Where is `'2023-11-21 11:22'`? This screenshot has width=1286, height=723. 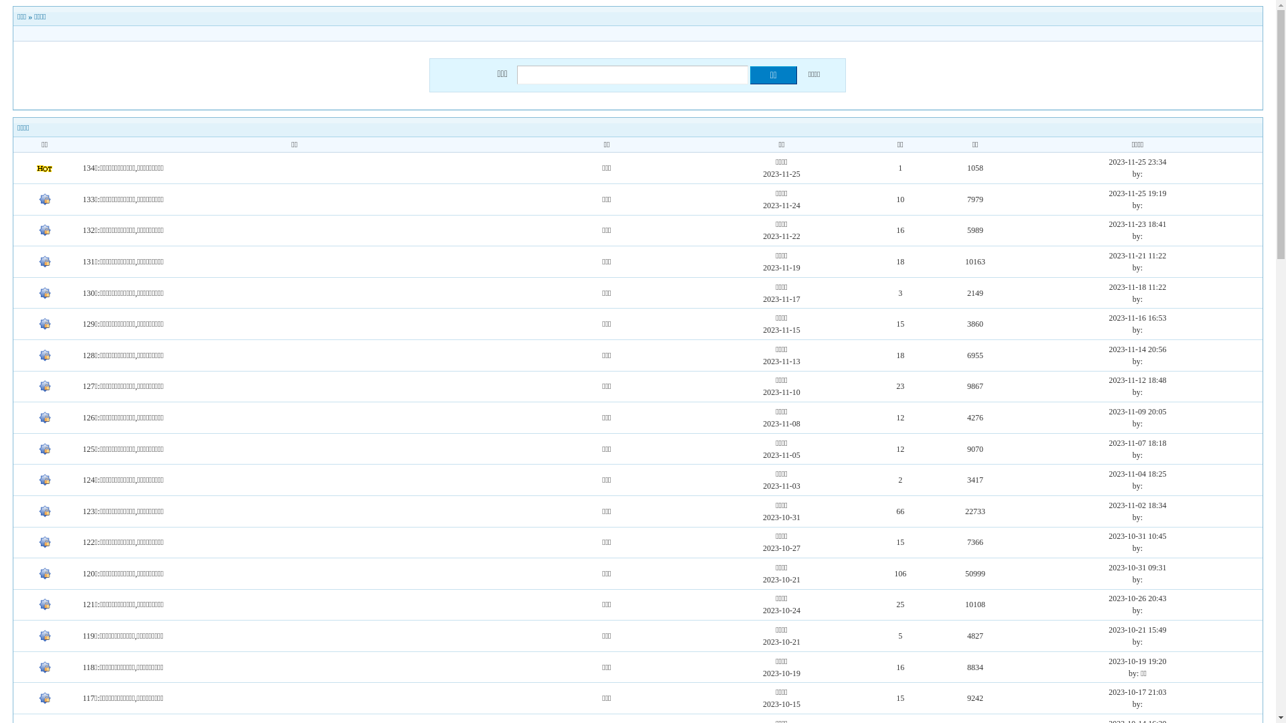 '2023-11-21 11:22' is located at coordinates (1137, 255).